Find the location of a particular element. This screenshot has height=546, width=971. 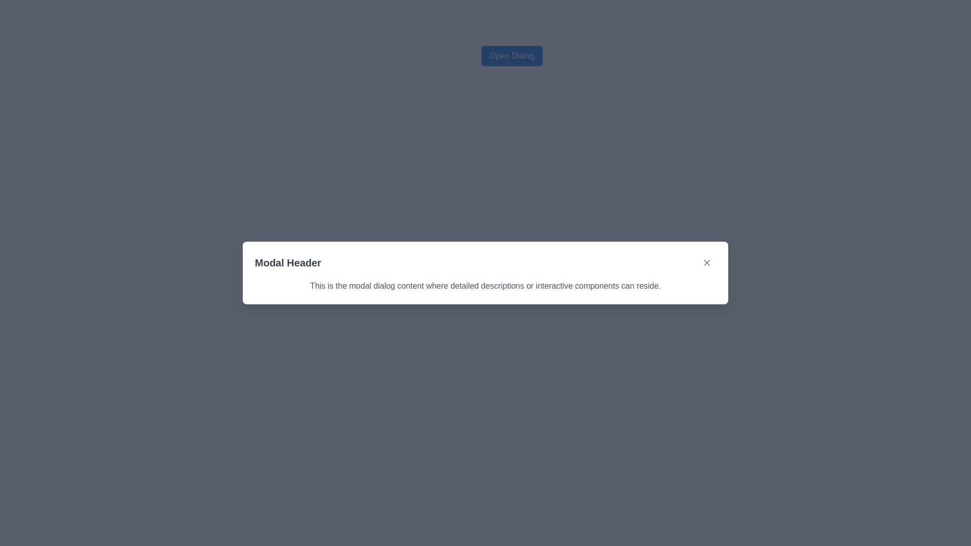

the small 'X' icon in the top-right corner of the modal header to trigger a visual change is located at coordinates (706, 262).